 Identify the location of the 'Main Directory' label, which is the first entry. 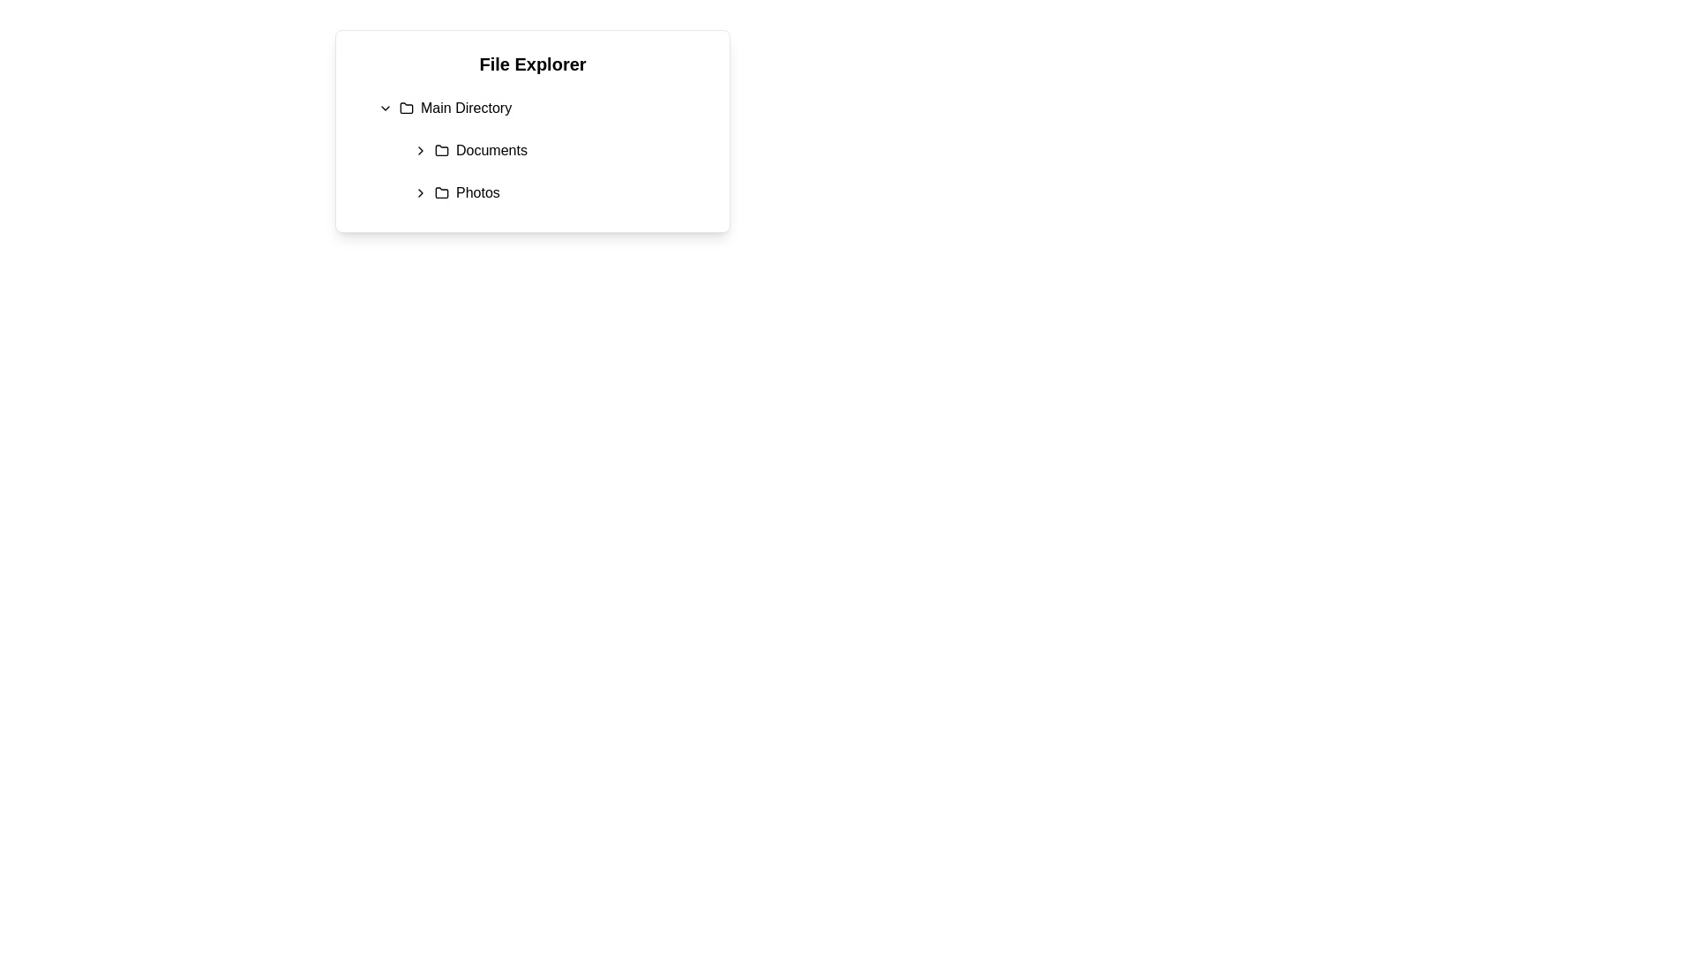
(455, 109).